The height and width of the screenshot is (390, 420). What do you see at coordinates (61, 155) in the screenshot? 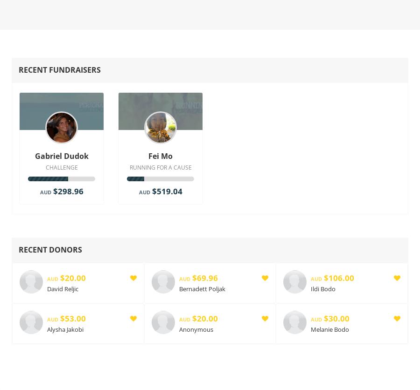
I see `'Gabriel Dudok'` at bounding box center [61, 155].